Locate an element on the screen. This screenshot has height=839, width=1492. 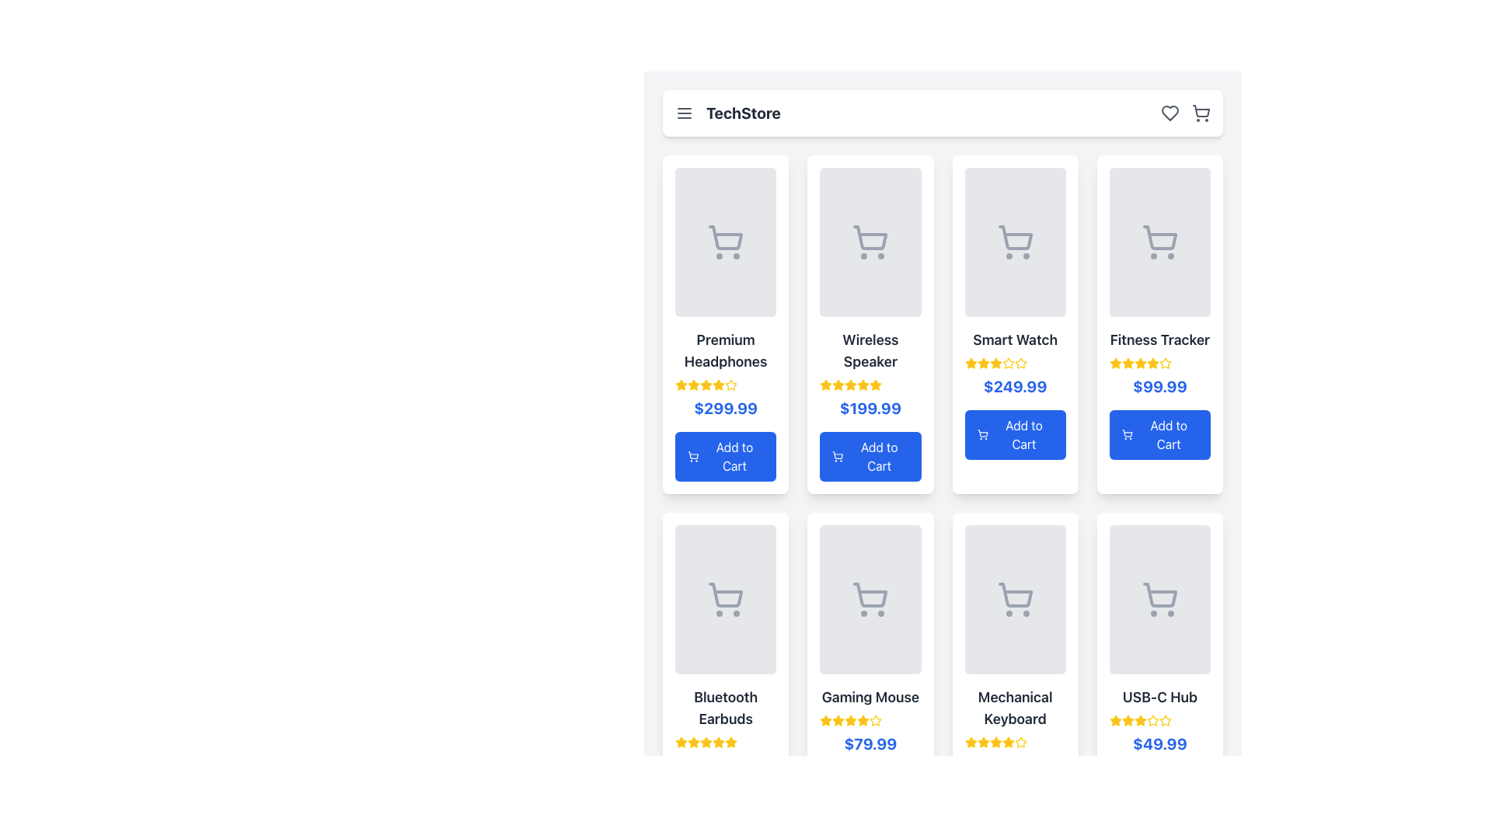
the 4.5-star rating indicator for the 'Gaming Mouse' product is located at coordinates (870, 721).